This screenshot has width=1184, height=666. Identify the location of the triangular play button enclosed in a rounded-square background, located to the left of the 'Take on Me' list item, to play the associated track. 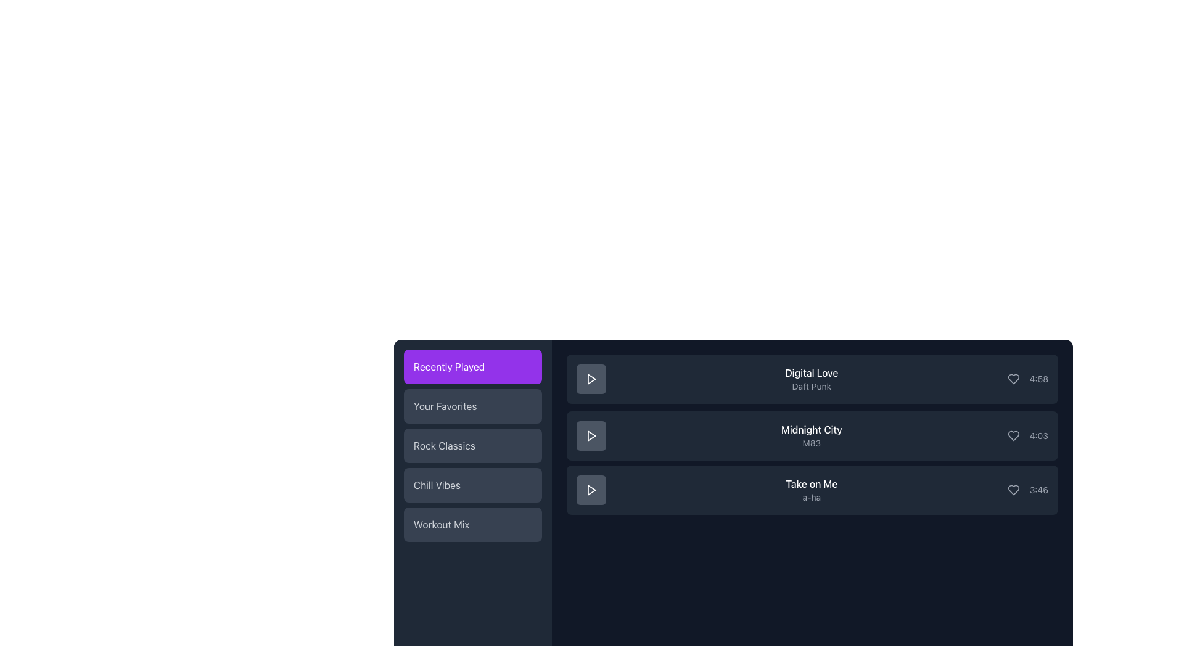
(591, 489).